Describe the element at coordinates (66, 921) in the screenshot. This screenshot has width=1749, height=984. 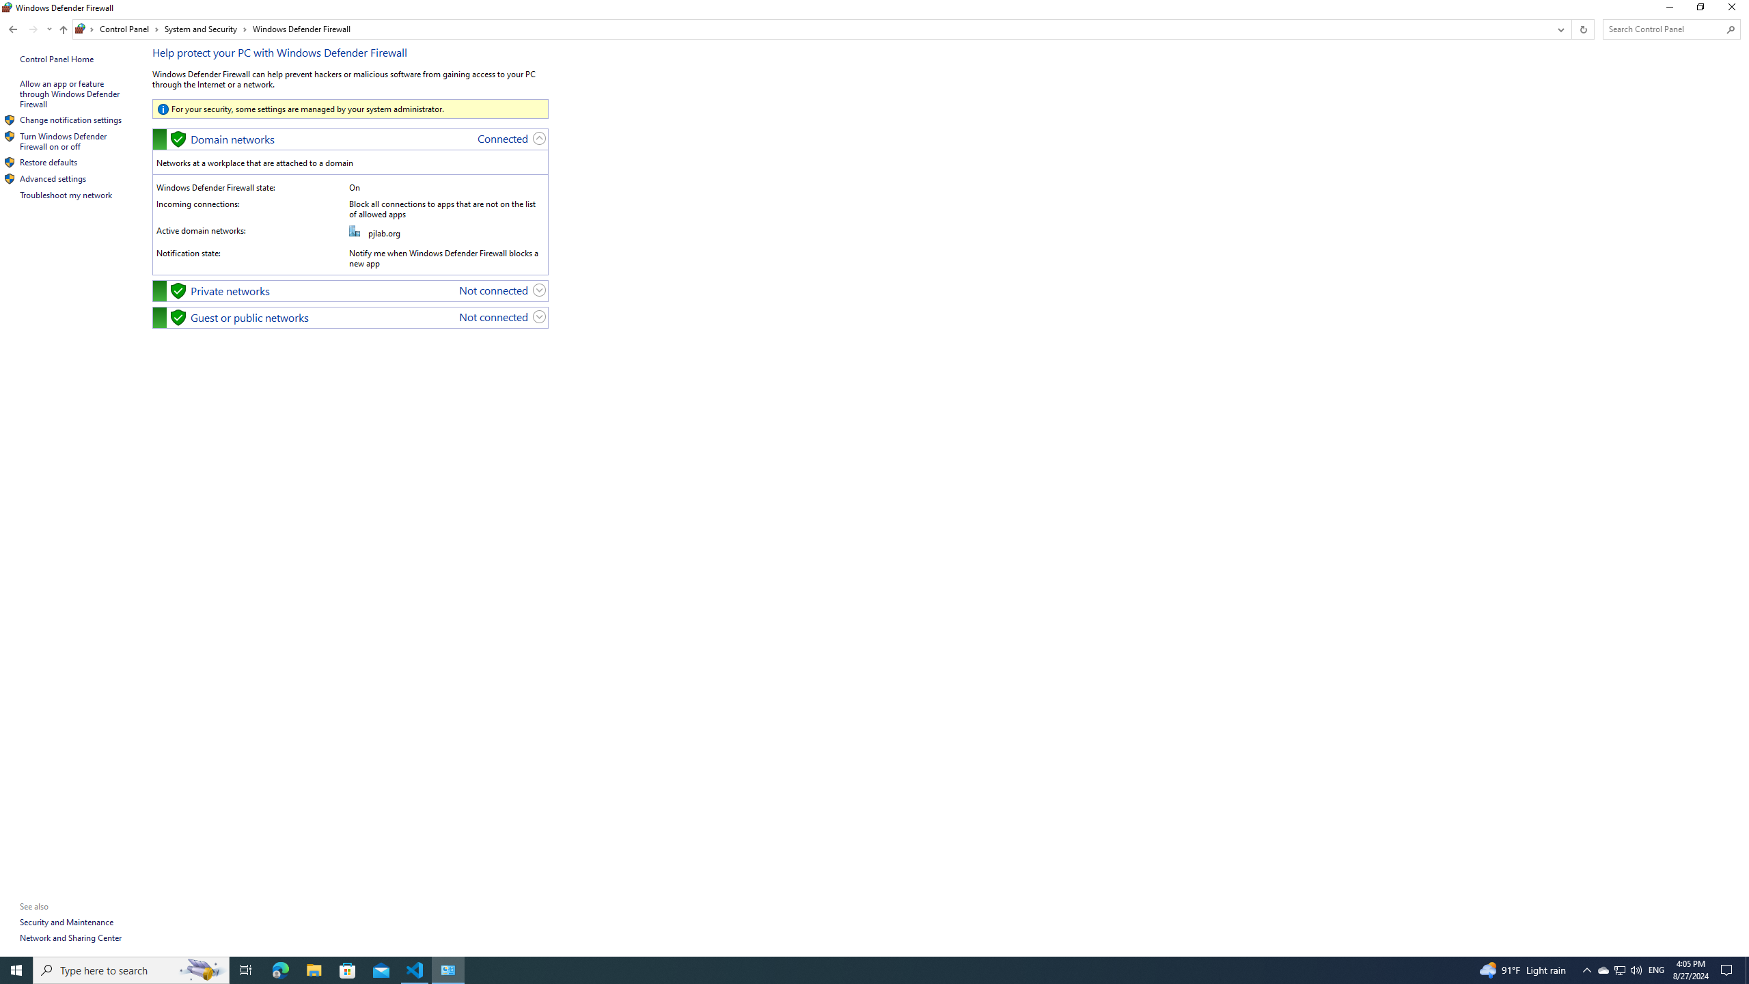
I see `'Security and Maintenance'` at that location.